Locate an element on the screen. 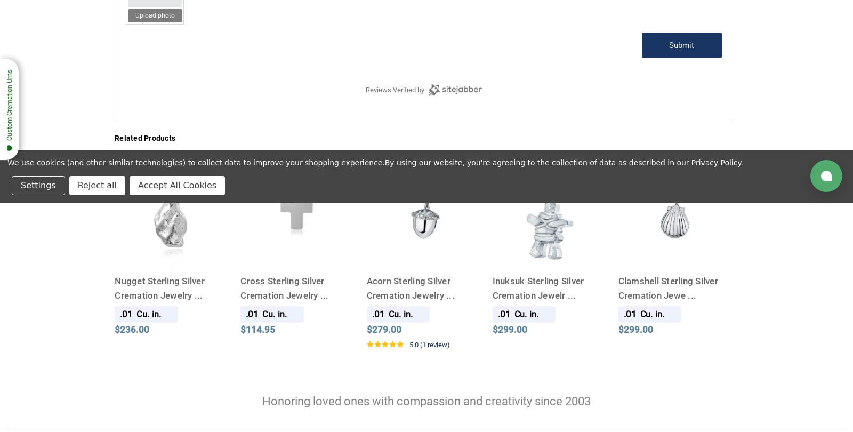 This screenshot has width=853, height=432. 'Honoring loved ones with compassion and creativity since 2003' is located at coordinates (426, 401).